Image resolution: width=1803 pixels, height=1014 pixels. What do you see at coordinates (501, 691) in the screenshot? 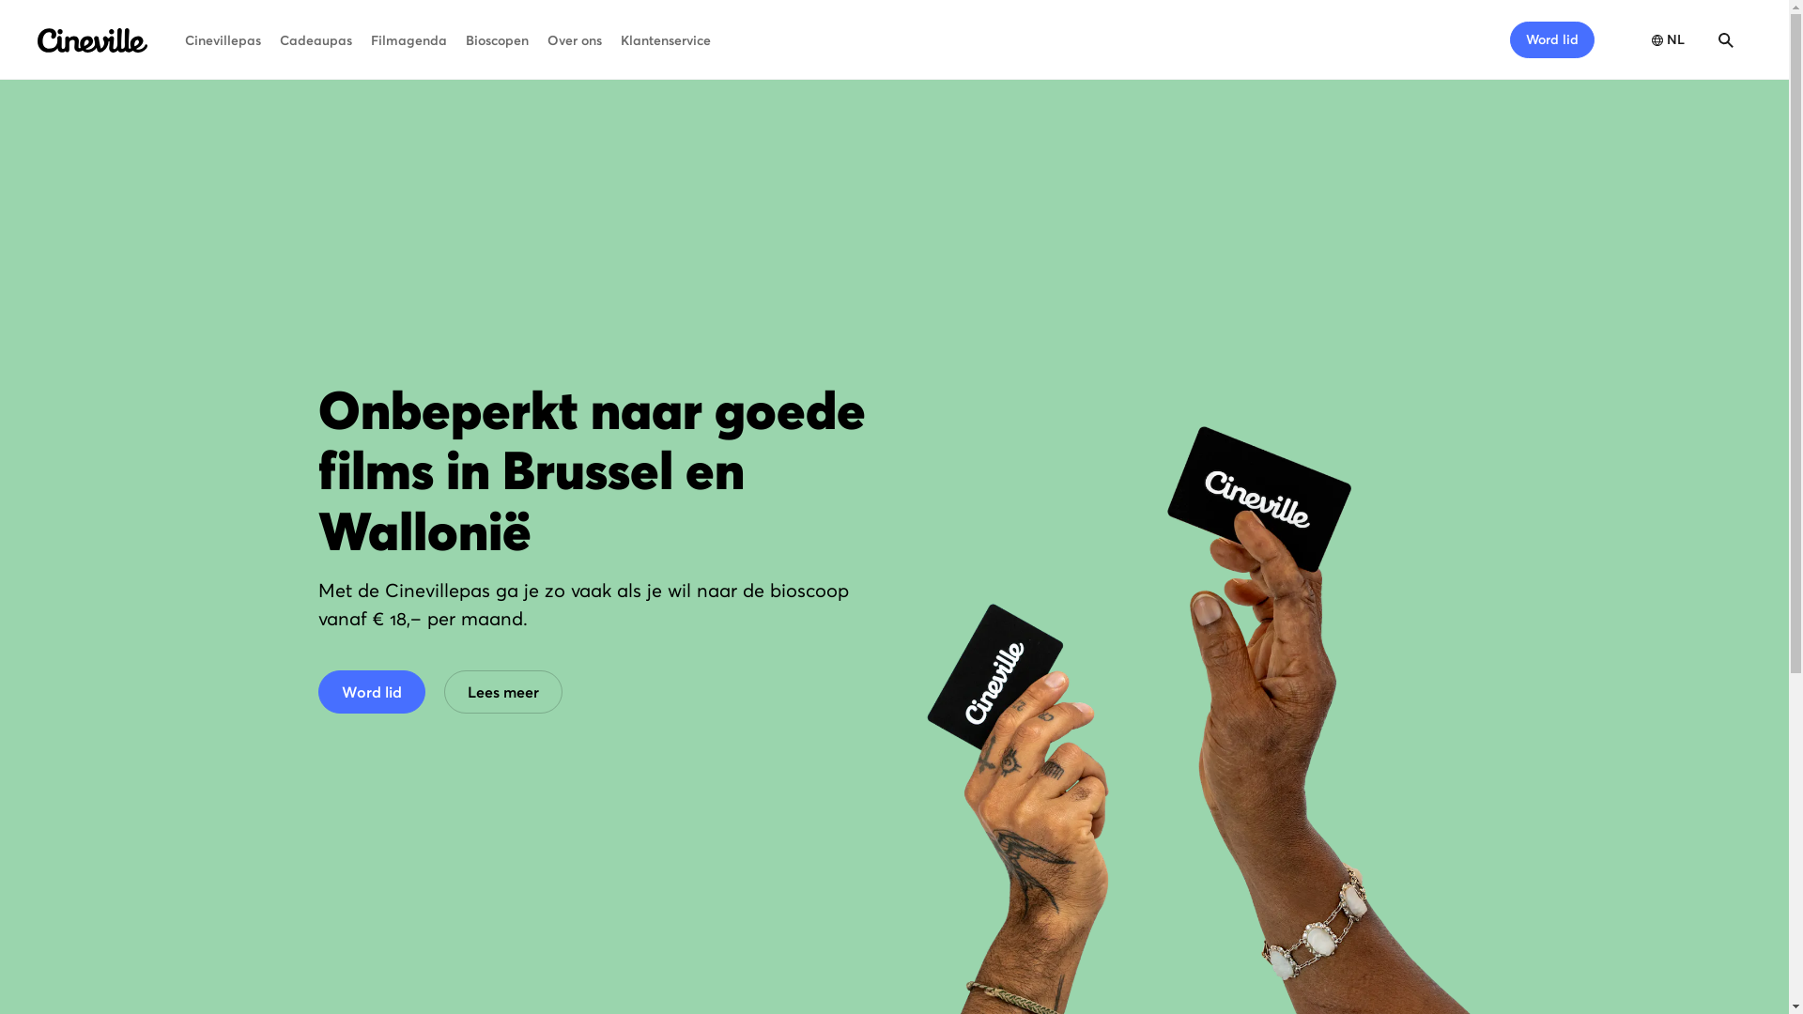
I see `'Lees meer'` at bounding box center [501, 691].